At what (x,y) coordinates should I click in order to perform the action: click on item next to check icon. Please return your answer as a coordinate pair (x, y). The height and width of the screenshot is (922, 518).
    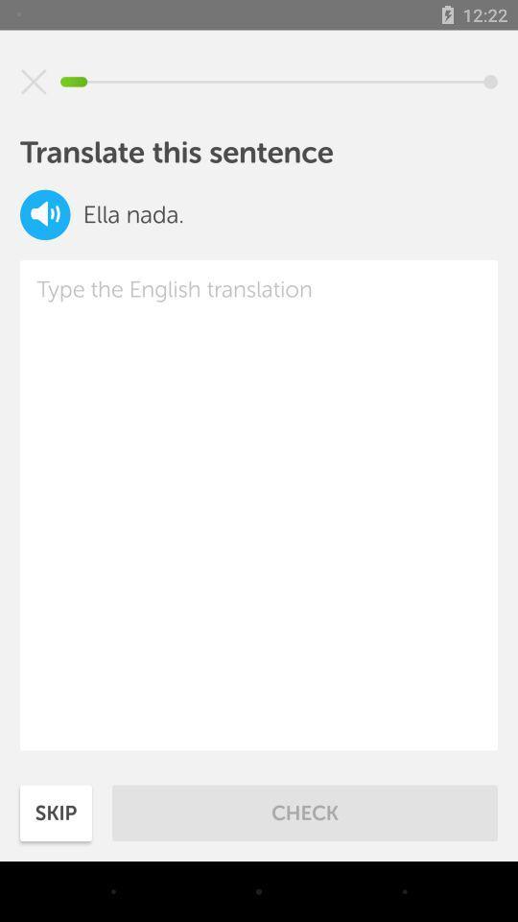
    Looking at the image, I should click on (56, 812).